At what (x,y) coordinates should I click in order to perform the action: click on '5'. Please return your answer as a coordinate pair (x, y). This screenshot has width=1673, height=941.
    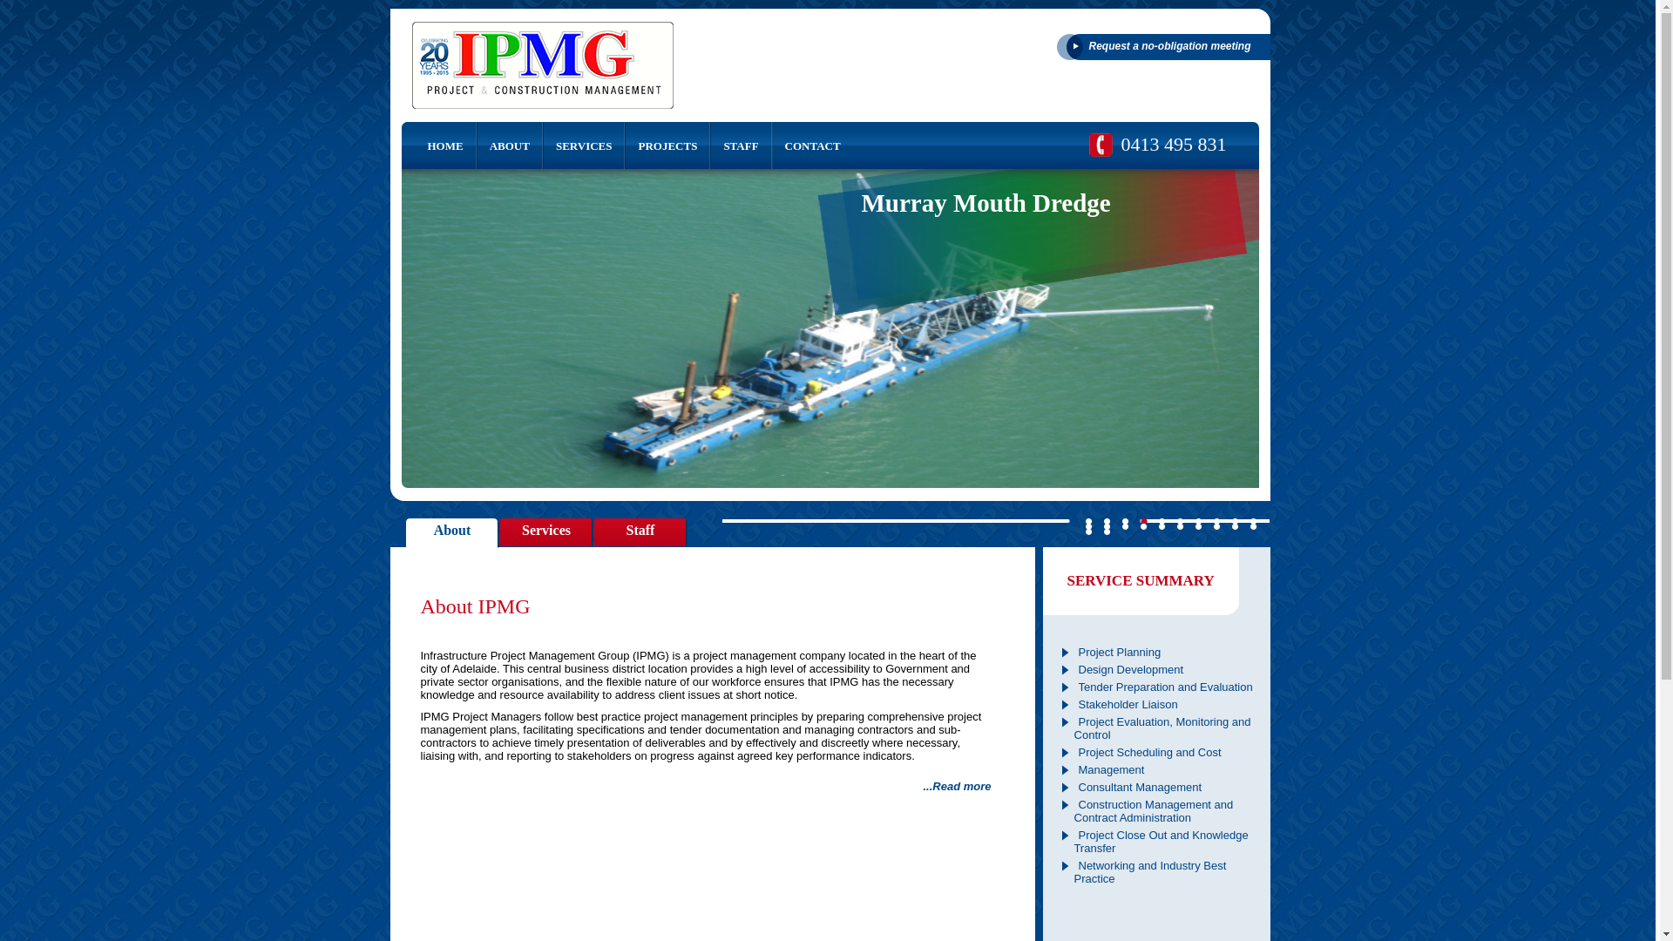
    Looking at the image, I should click on (1162, 519).